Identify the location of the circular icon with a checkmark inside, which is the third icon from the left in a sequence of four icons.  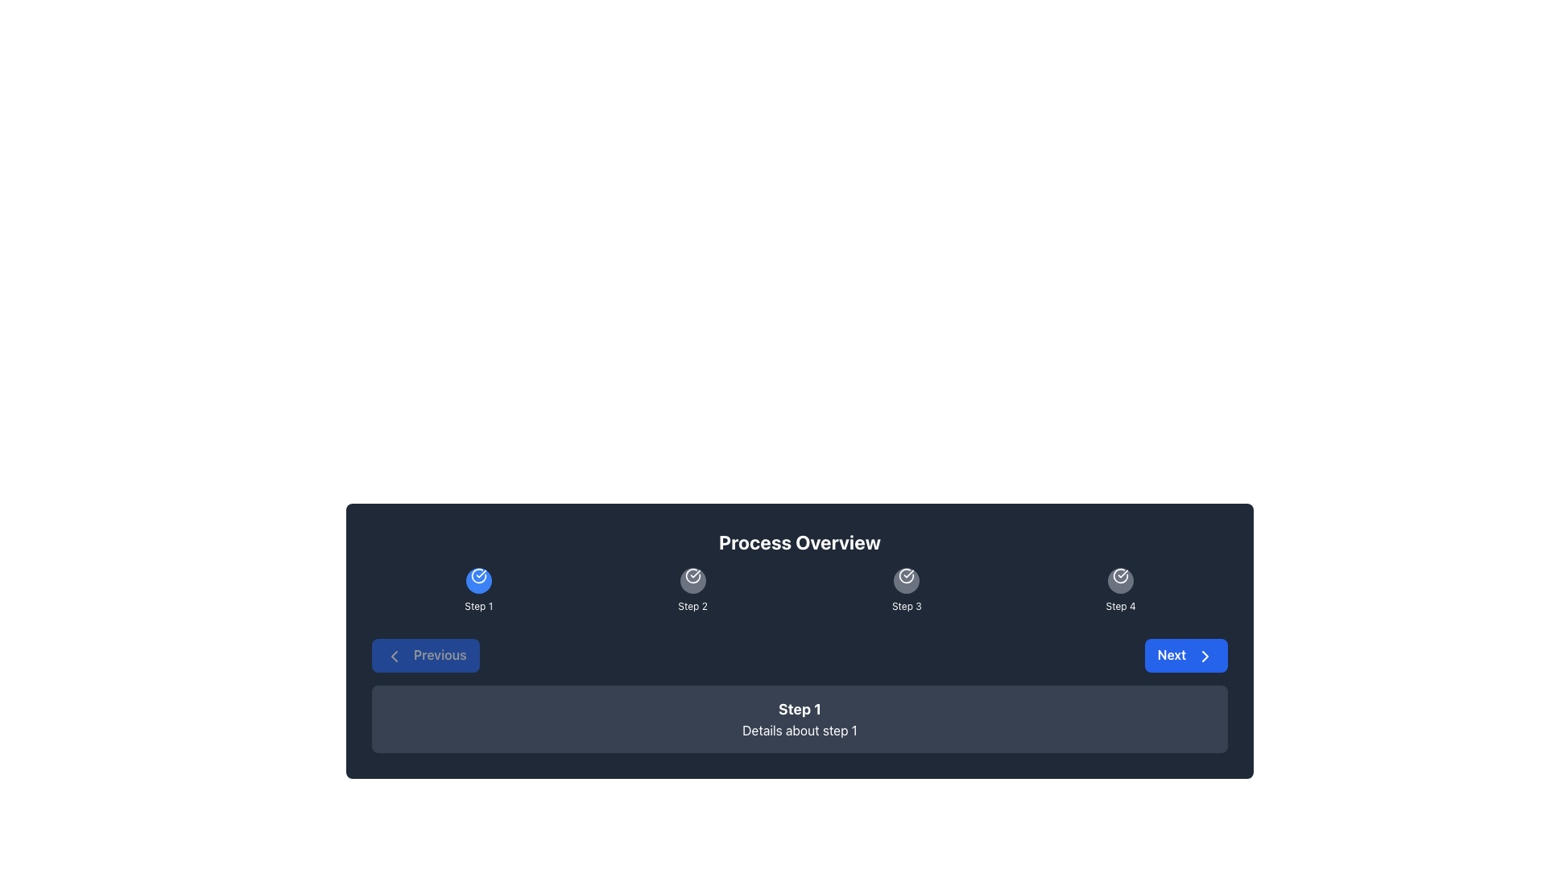
(907, 575).